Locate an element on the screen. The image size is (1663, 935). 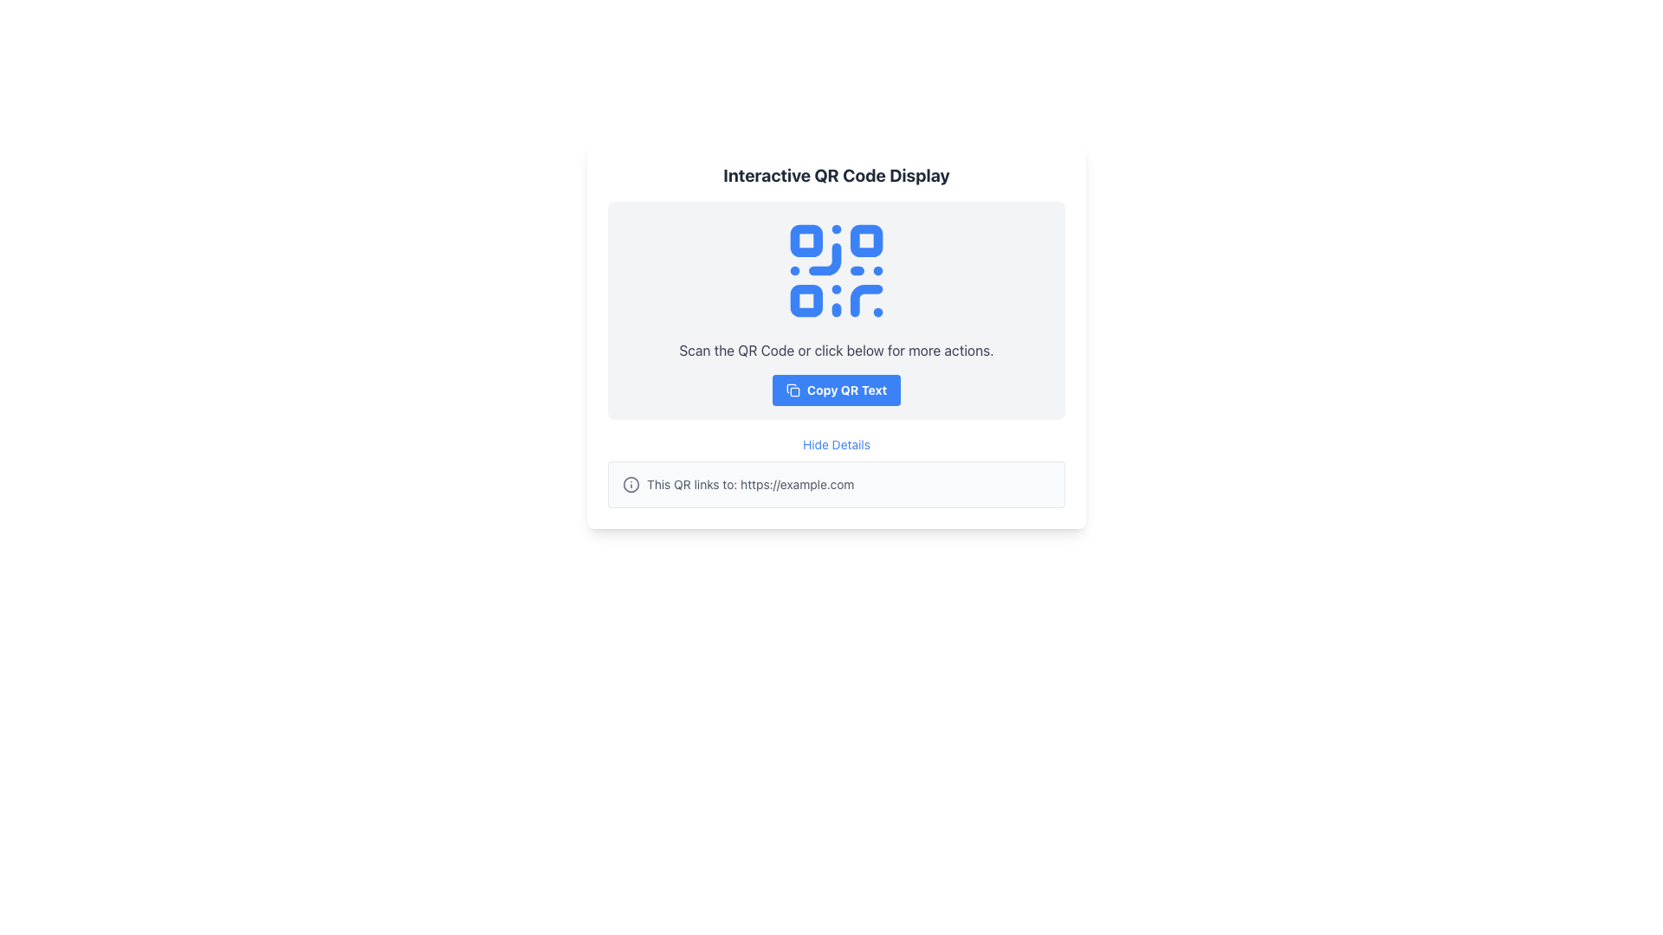
the Interactive Text Link located above the description text block to trigger the underline effect is located at coordinates (836, 443).